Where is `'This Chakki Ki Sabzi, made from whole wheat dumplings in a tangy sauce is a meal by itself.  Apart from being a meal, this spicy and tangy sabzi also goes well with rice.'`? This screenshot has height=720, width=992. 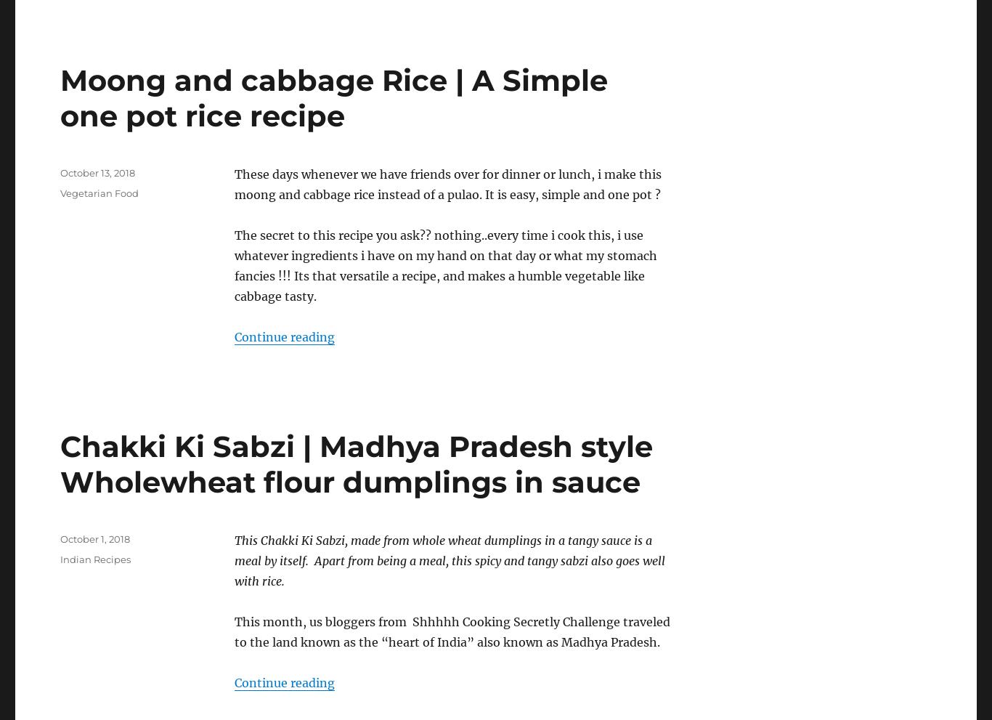
'This Chakki Ki Sabzi, made from whole wheat dumplings in a tangy sauce is a meal by itself.  Apart from being a meal, this spicy and tangy sabzi also goes well with rice.' is located at coordinates (449, 559).